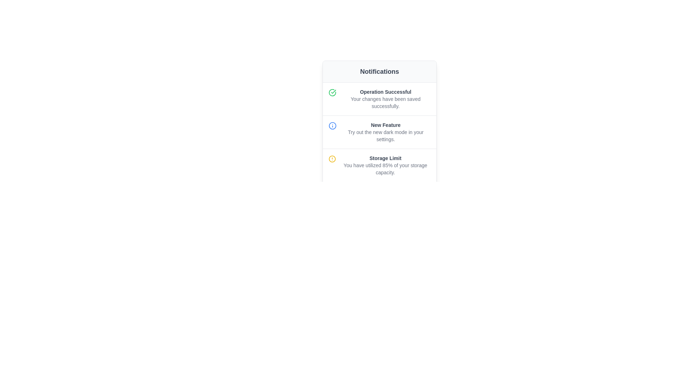 The image size is (685, 385). I want to click on the Text Element that conveys information about the newly available dark mode option, positioned centrally in the notification box as the second item, so click(385, 132).